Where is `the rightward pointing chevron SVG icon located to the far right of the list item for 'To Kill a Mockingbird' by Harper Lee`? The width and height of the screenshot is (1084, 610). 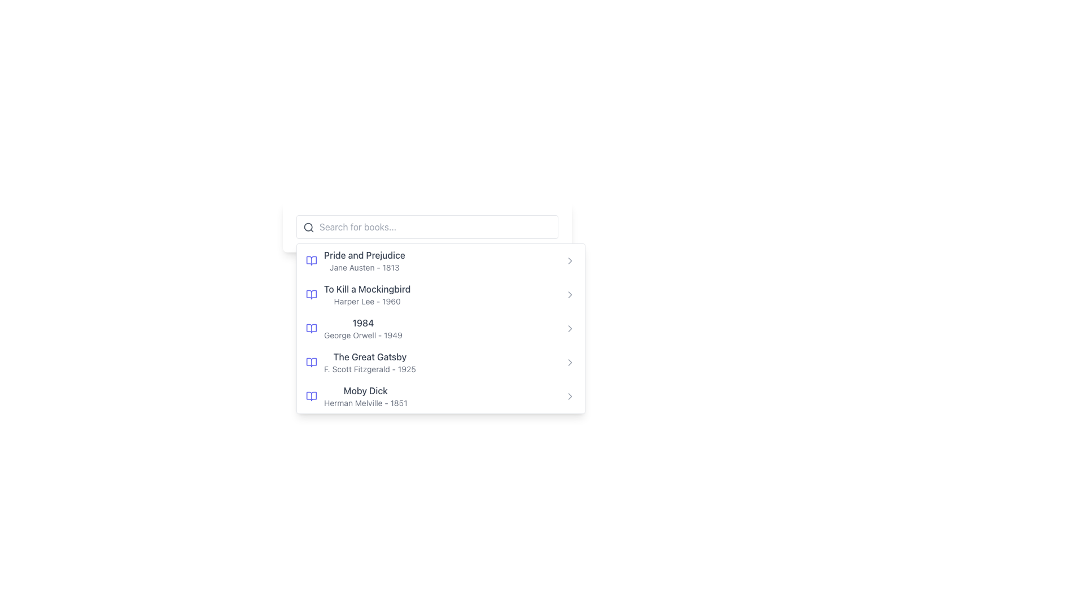
the rightward pointing chevron SVG icon located to the far right of the list item for 'To Kill a Mockingbird' by Harper Lee is located at coordinates (570, 294).